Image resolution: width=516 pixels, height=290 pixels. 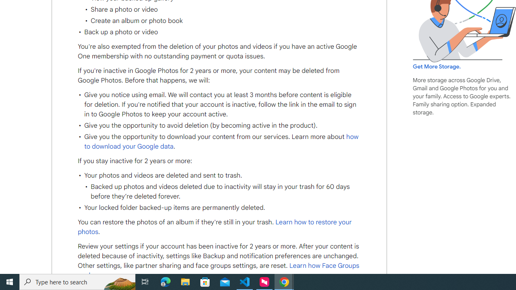 I want to click on 'Learn how to restore your photos', so click(x=215, y=227).